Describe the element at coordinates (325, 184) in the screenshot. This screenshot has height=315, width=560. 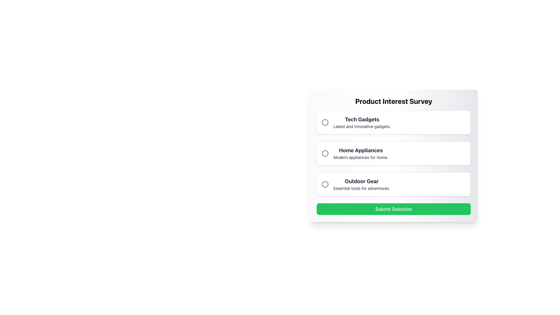
I see `the hollow ring SVG circle located next to the text 'Outdoor Gear' in the third option of the survey form` at that location.